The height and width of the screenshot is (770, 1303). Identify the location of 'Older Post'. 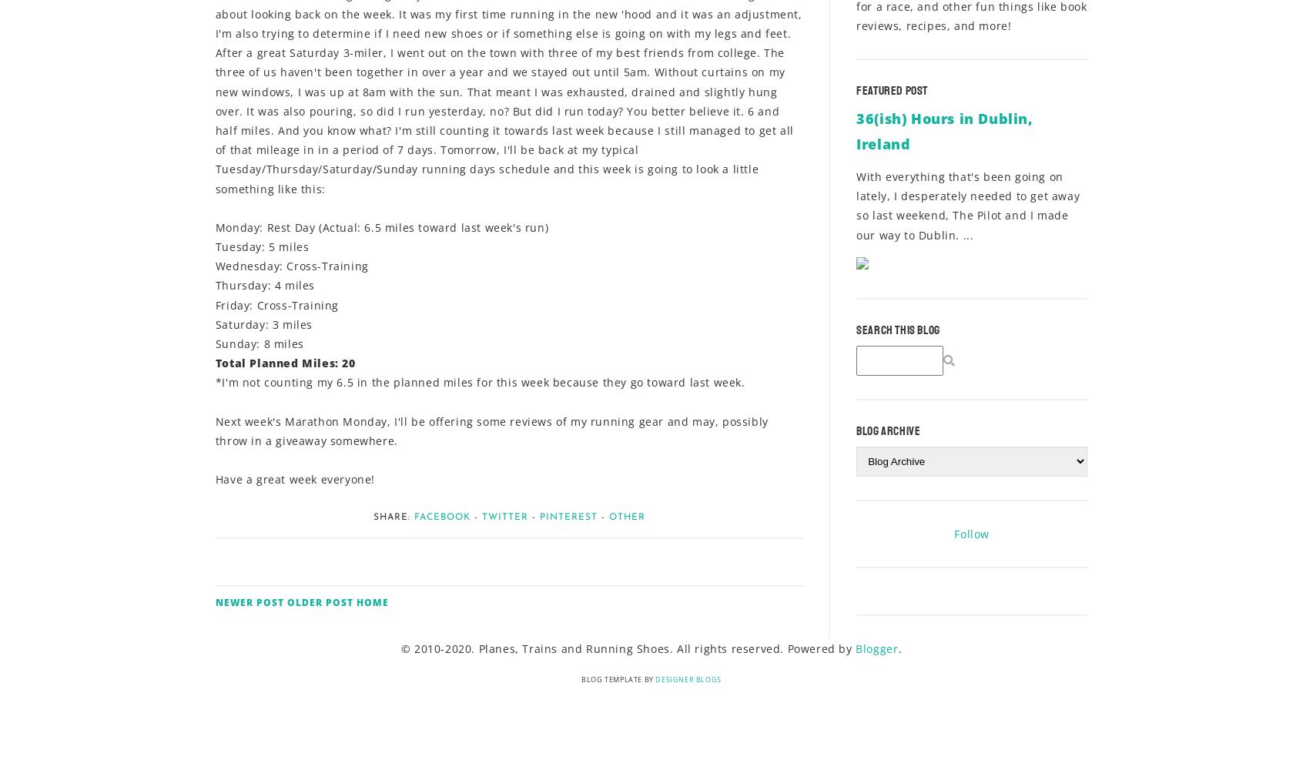
(320, 601).